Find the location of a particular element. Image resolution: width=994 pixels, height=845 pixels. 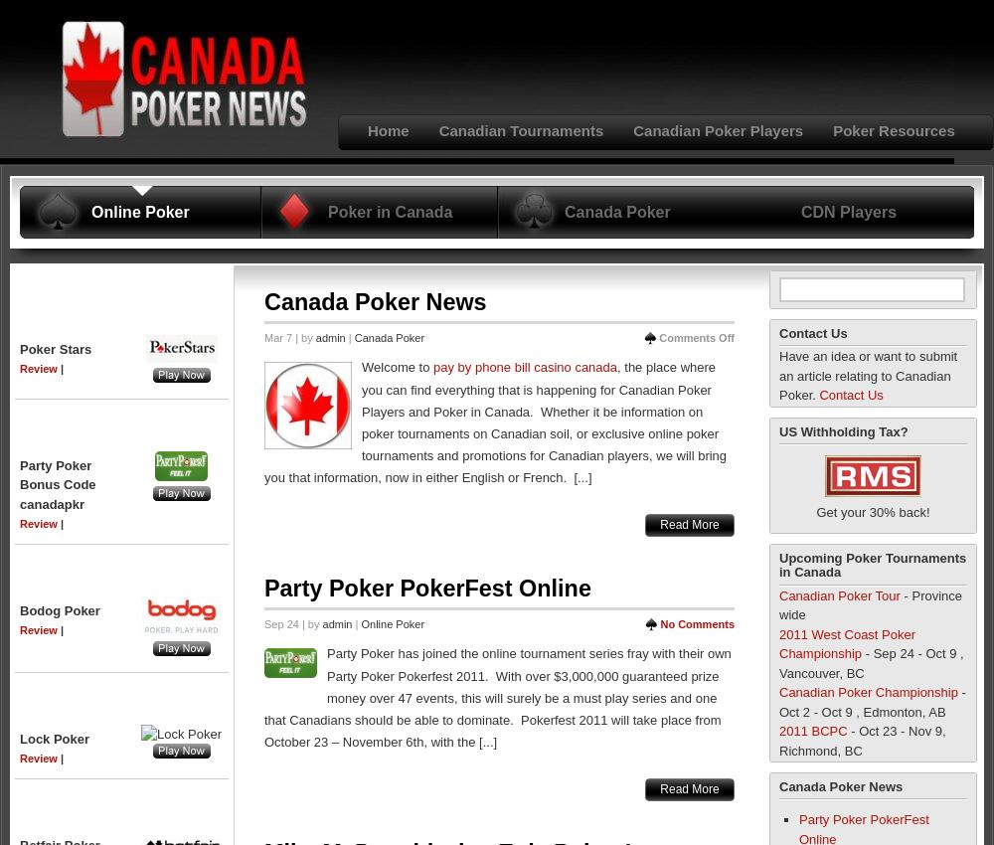

'Party Poker Bonus Code canadapkr' is located at coordinates (20, 483).